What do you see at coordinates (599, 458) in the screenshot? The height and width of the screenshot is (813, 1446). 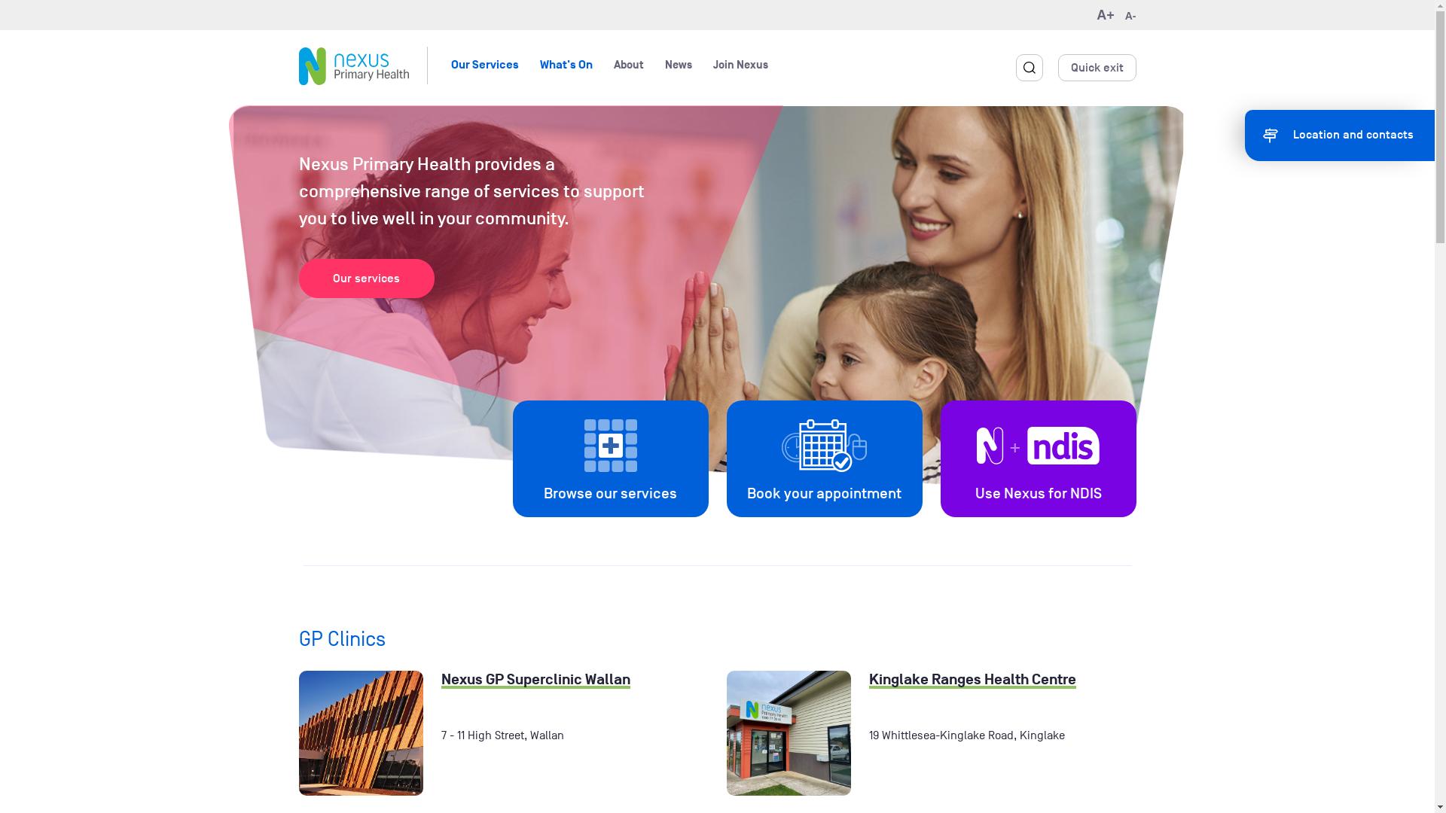 I see `'Browse our services'` at bounding box center [599, 458].